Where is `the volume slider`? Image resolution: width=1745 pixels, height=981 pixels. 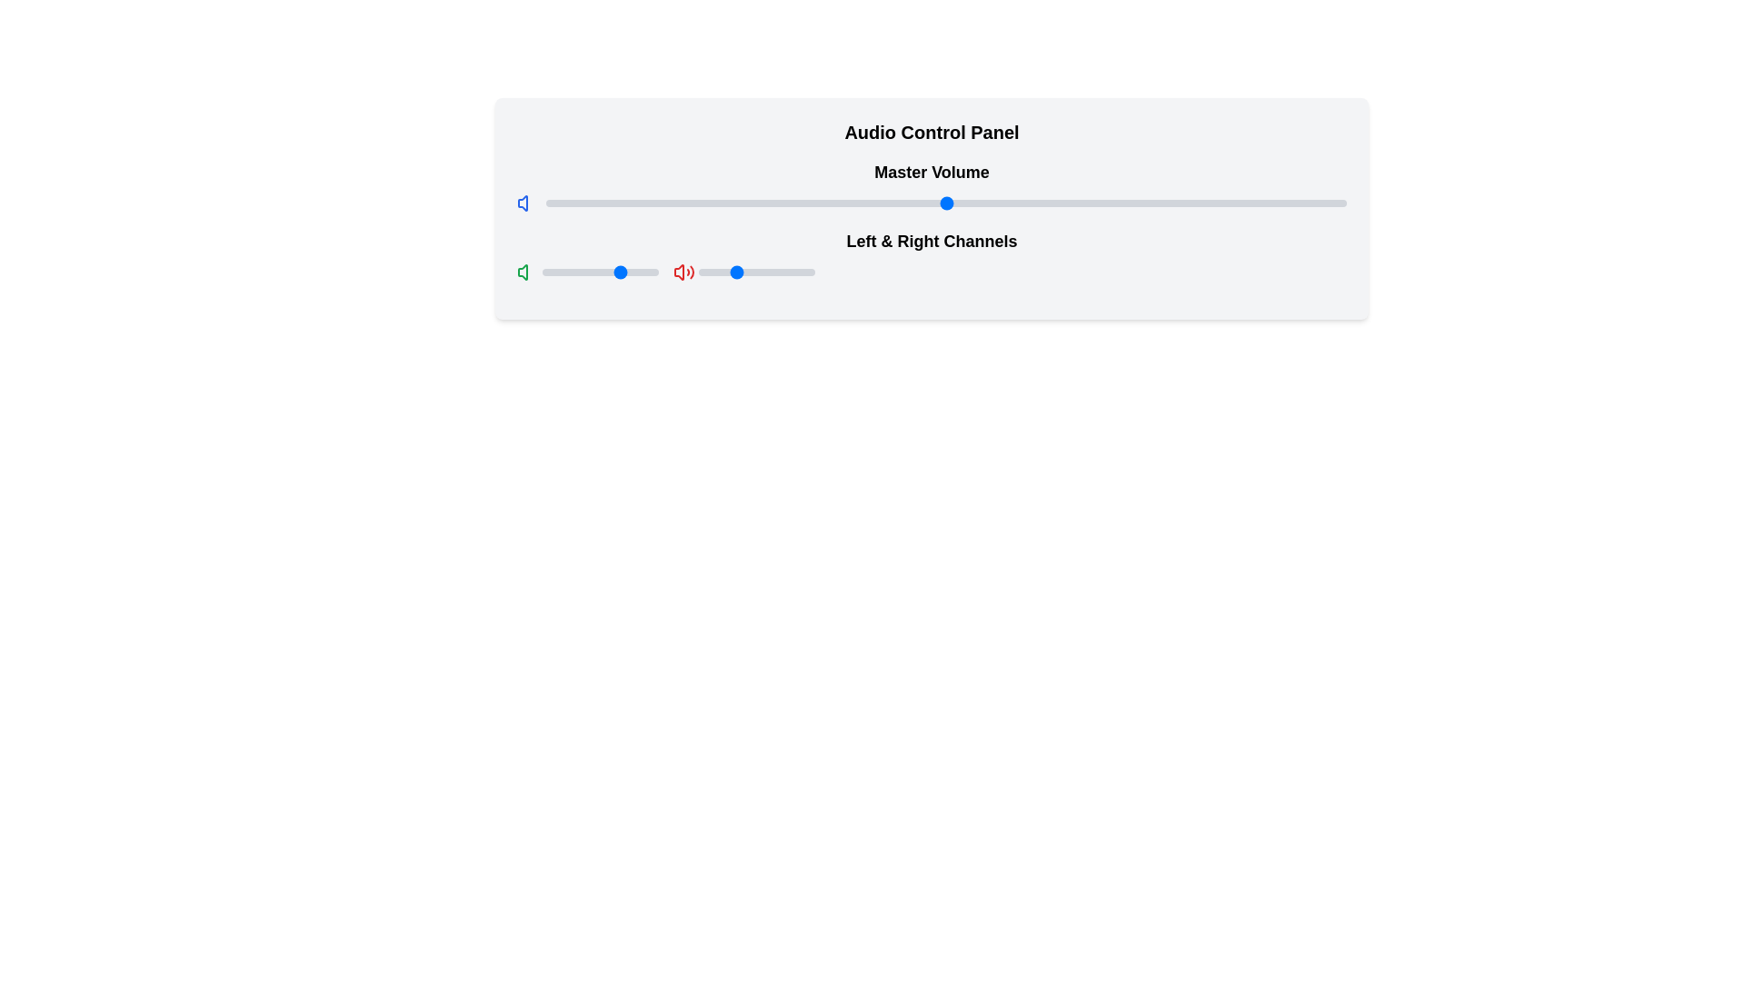 the volume slider is located at coordinates (841, 199).